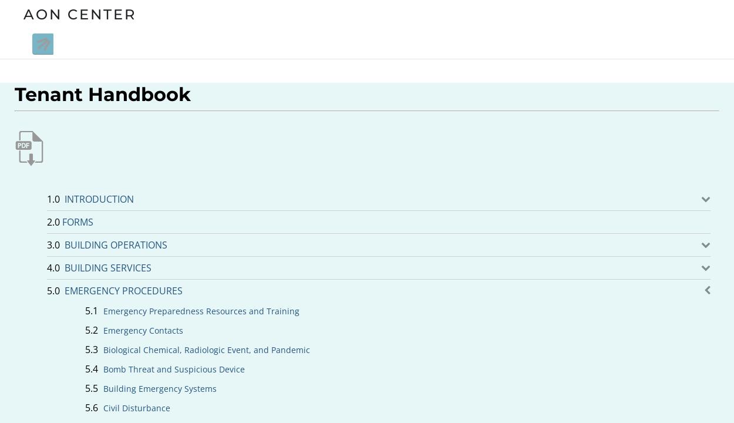 The image size is (734, 423). I want to click on 'Emergency Procedures', so click(123, 291).